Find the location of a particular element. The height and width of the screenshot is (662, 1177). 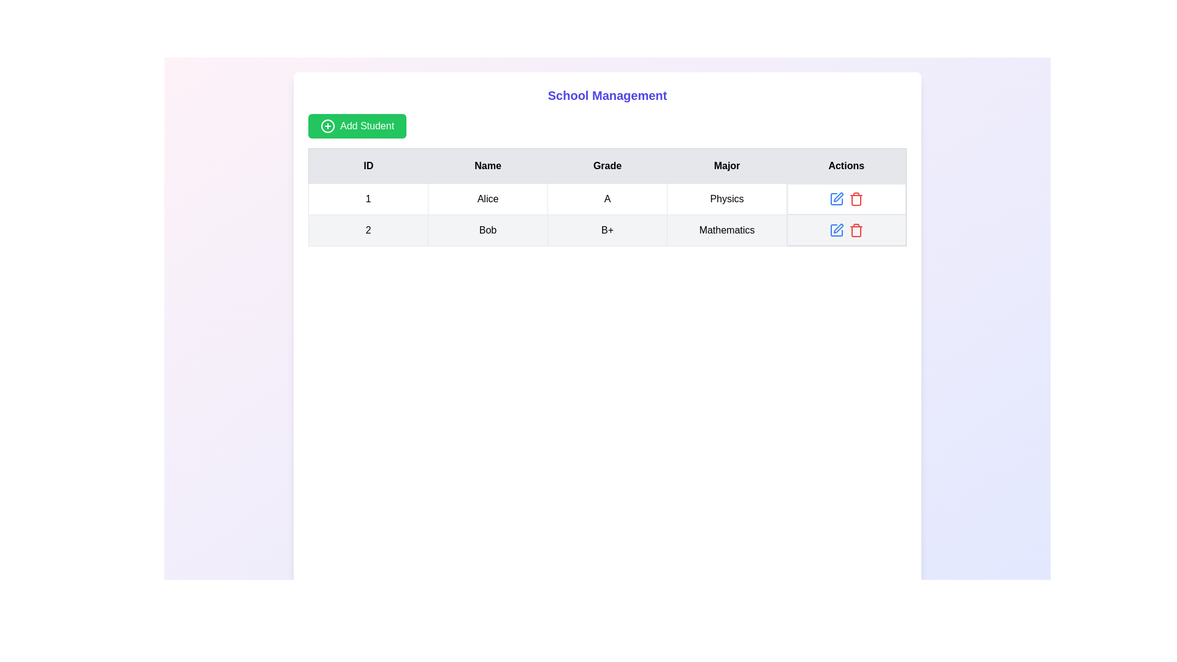

the edit icon in the Actions column for the second row associated with 'Bob' to initiate the editing process is located at coordinates (837, 196).